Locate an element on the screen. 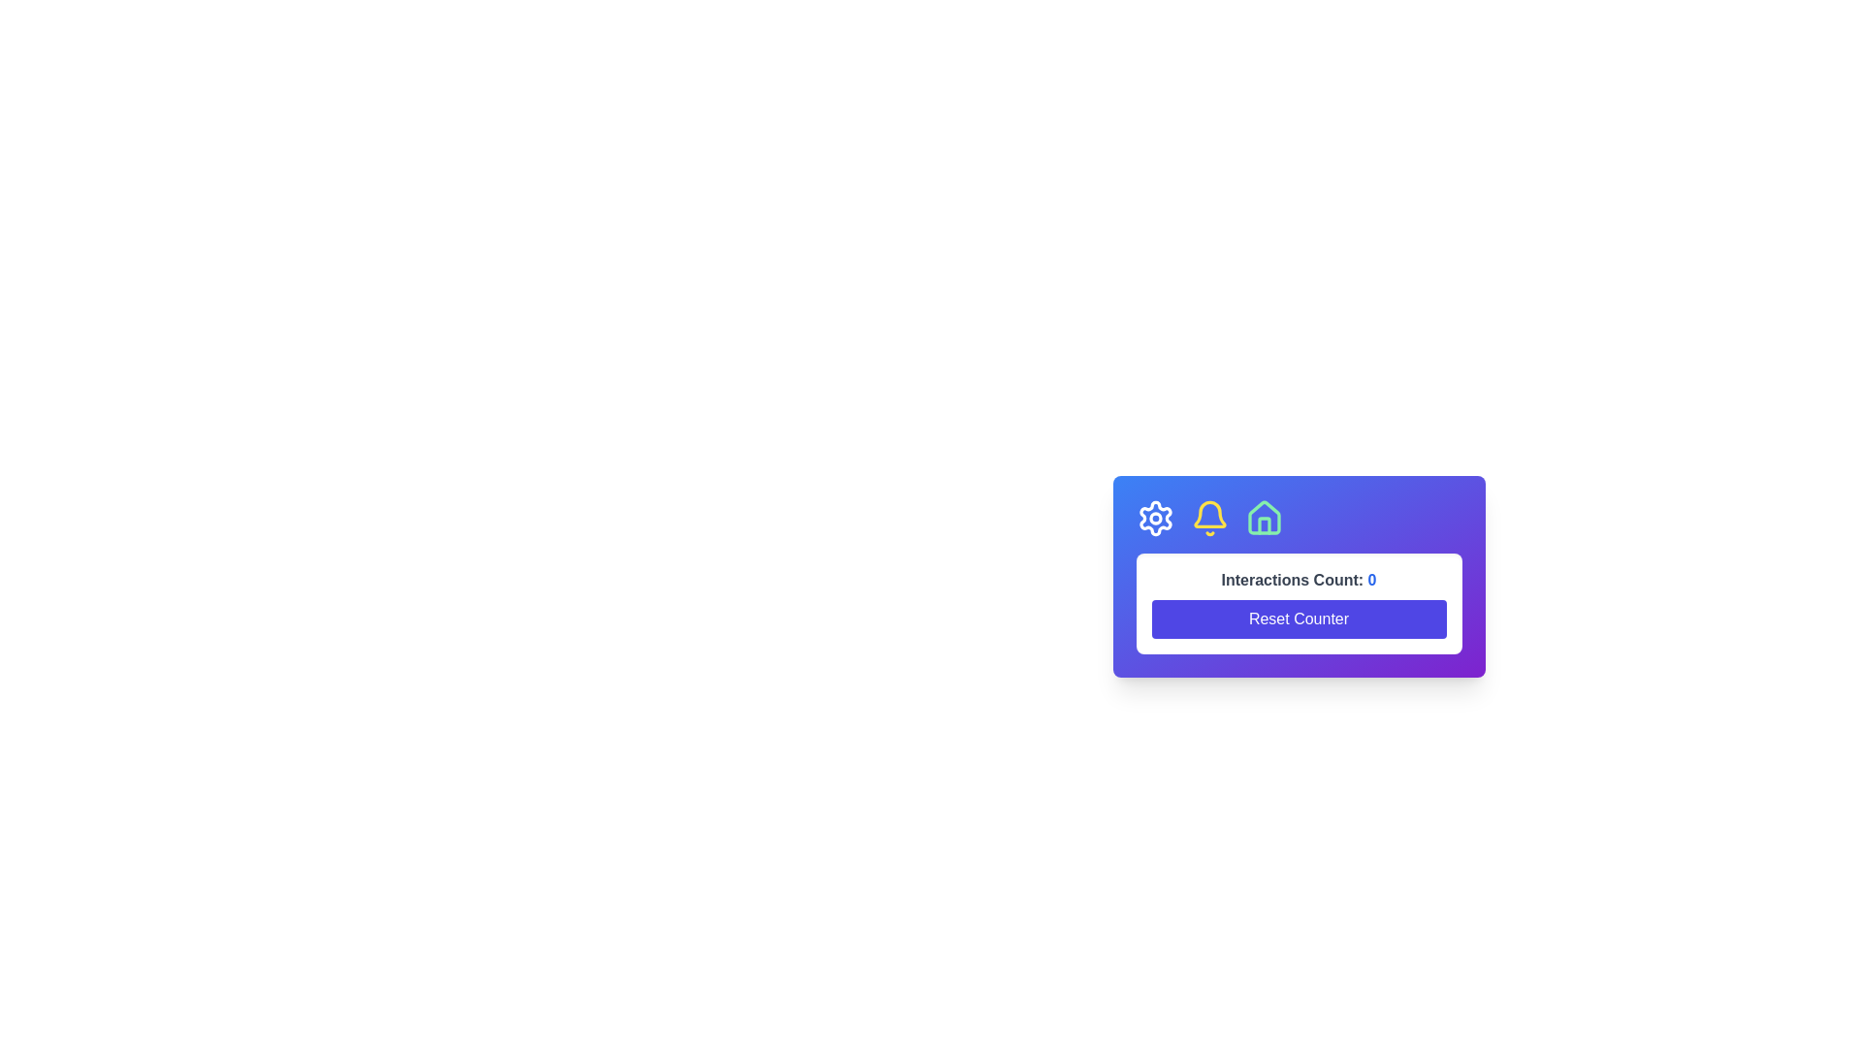  the reset button located below the text label in the composite UI component that displays the current count of interactions is located at coordinates (1299, 603).